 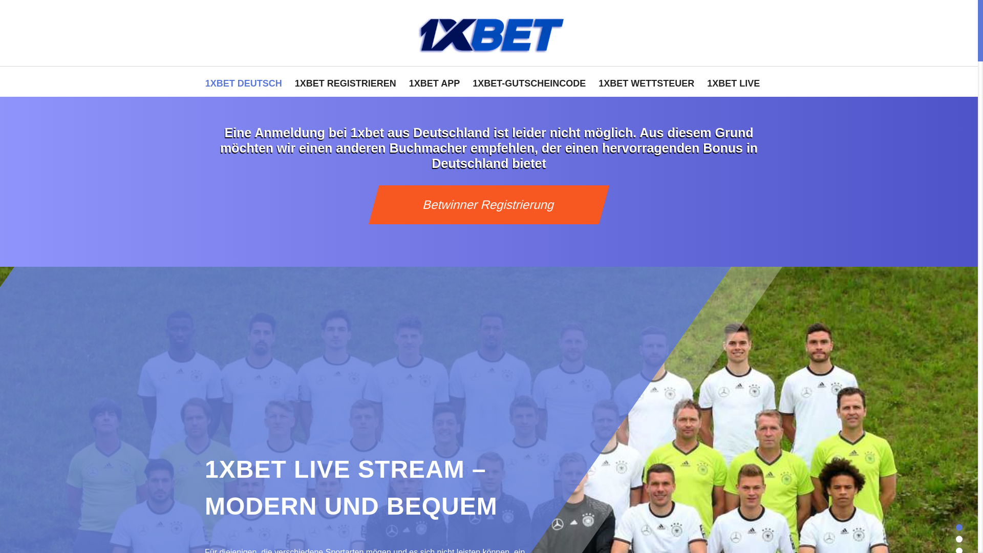 What do you see at coordinates (243, 81) in the screenshot?
I see `'1XBET DEUTSCH'` at bounding box center [243, 81].